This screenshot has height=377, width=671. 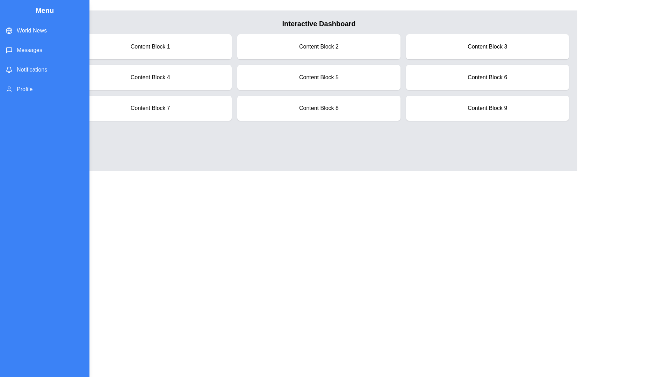 What do you see at coordinates (44, 70) in the screenshot?
I see `the menu item Notifications from the list` at bounding box center [44, 70].